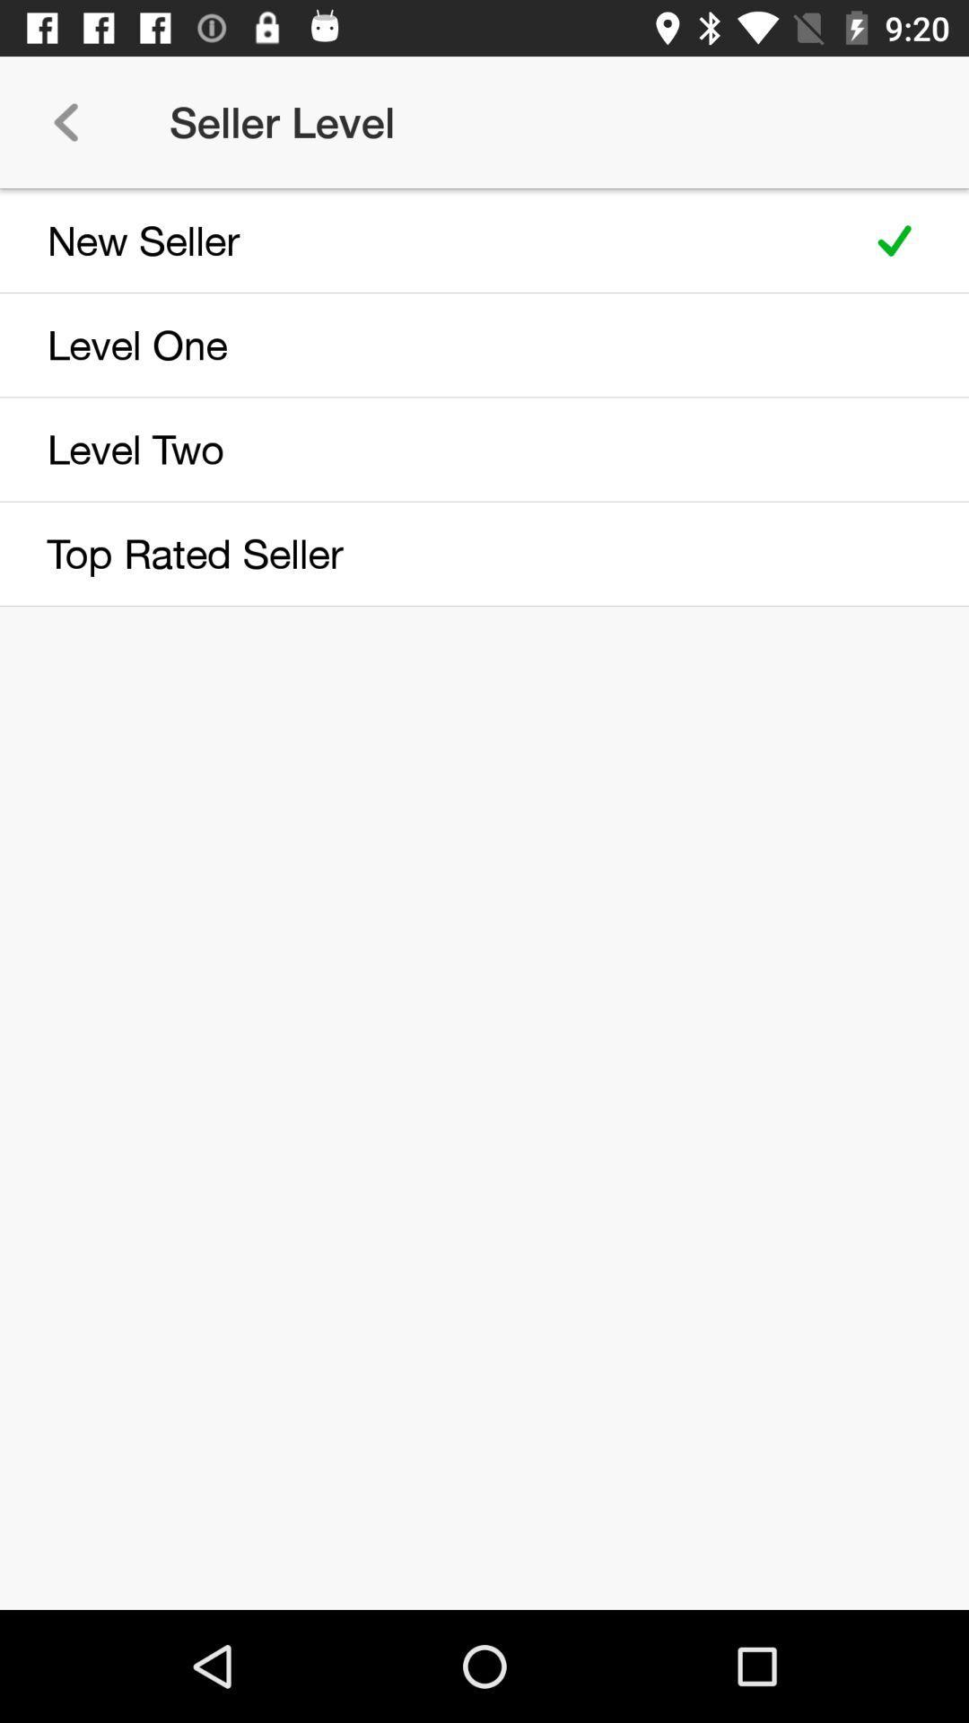 The image size is (969, 1723). What do you see at coordinates (423, 240) in the screenshot?
I see `new seller icon` at bounding box center [423, 240].